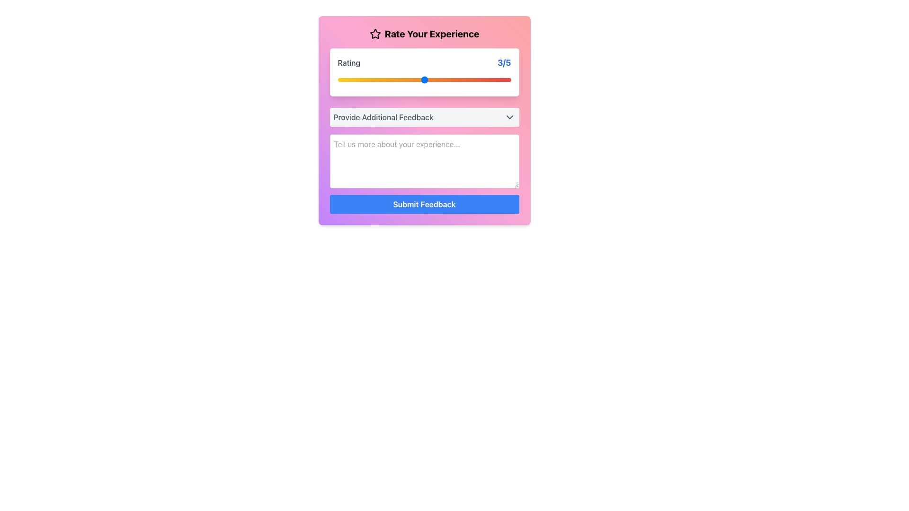  Describe the element at coordinates (374, 33) in the screenshot. I see `the star-shaped icon with a pink outline, located next to the title 'Rate Your Experience' in the top section of the card-like widget` at that location.